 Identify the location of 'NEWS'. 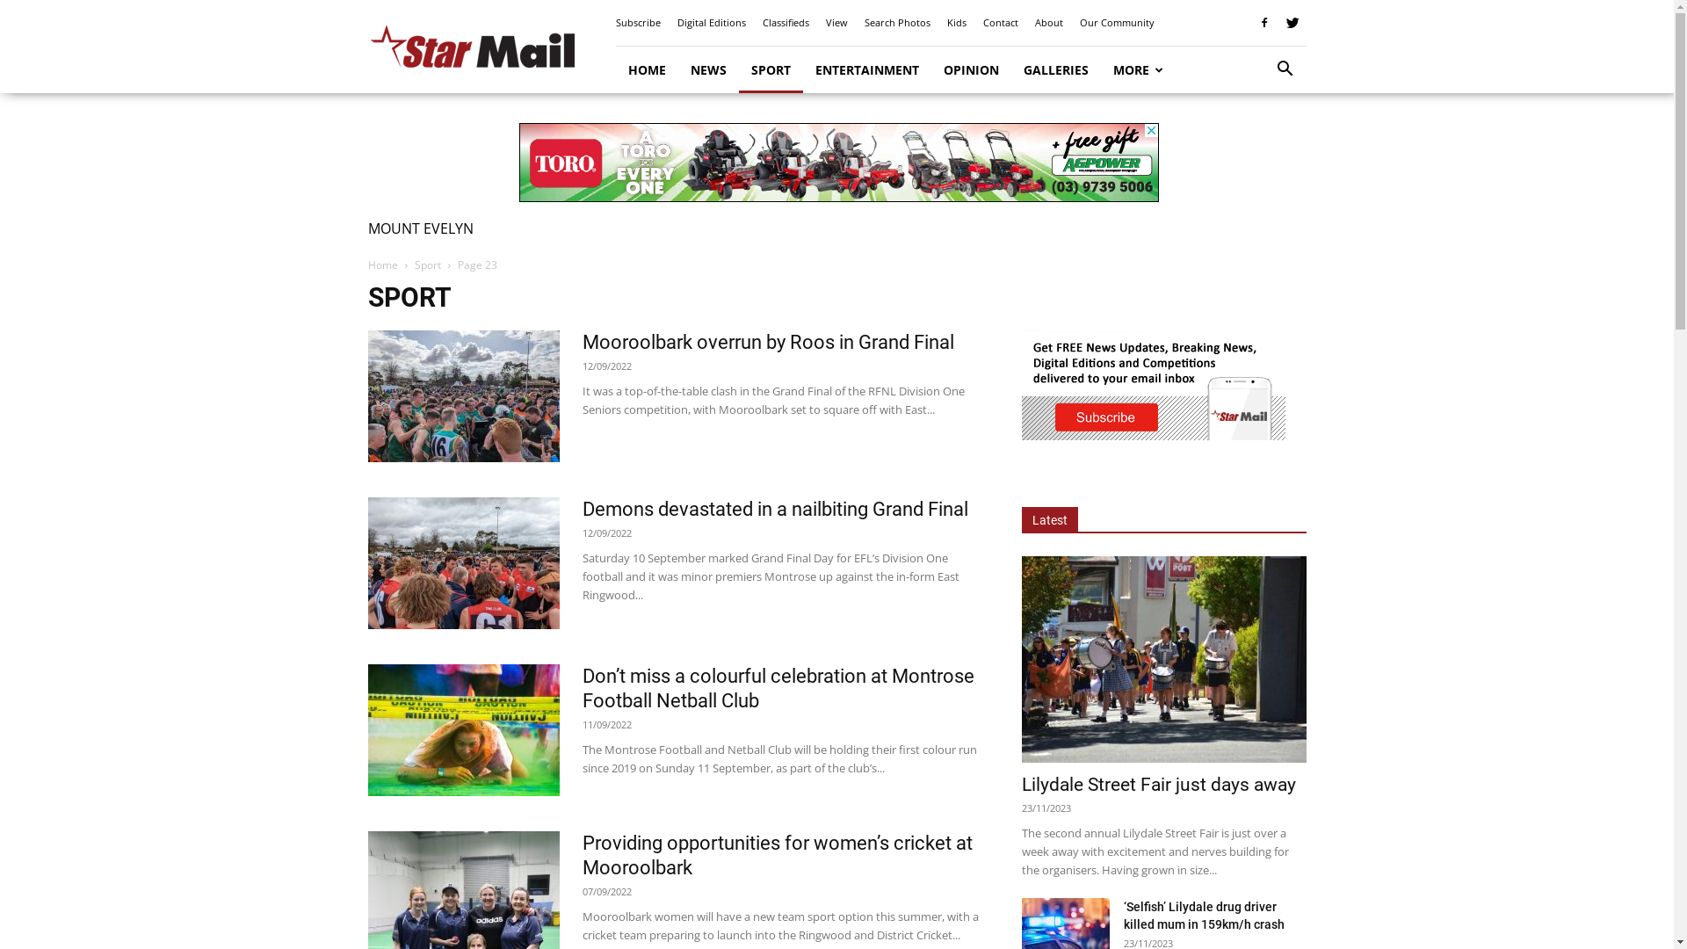
(708, 69).